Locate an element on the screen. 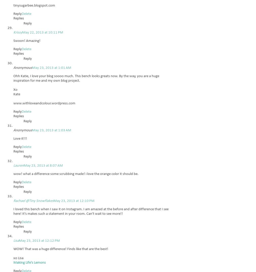  'Rachael @Tiny Snowflakes' is located at coordinates (33, 201).